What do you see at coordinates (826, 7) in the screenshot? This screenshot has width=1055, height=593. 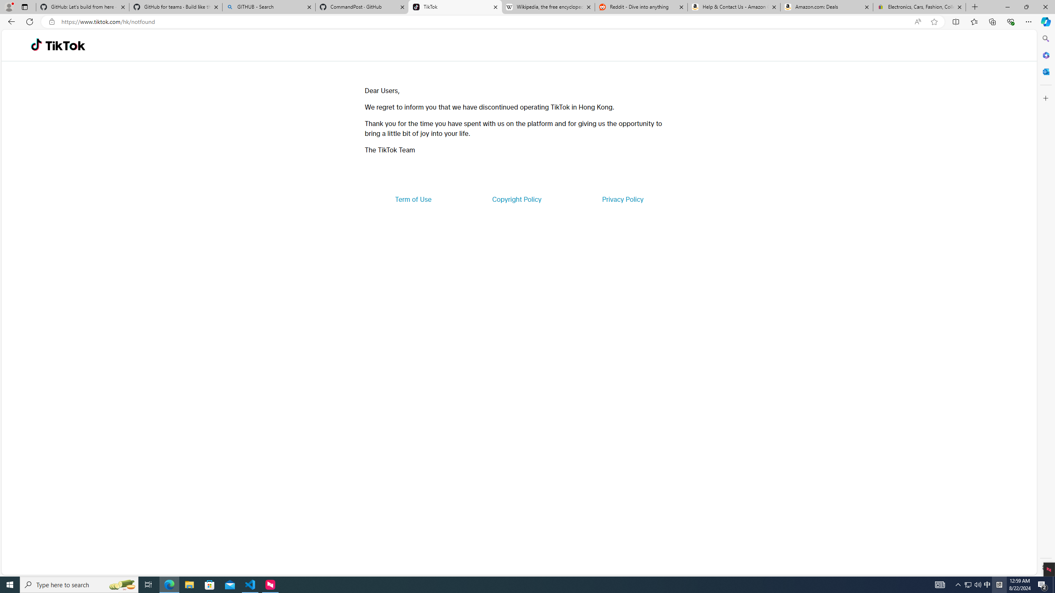 I see `'Amazon.com: Deals'` at bounding box center [826, 7].